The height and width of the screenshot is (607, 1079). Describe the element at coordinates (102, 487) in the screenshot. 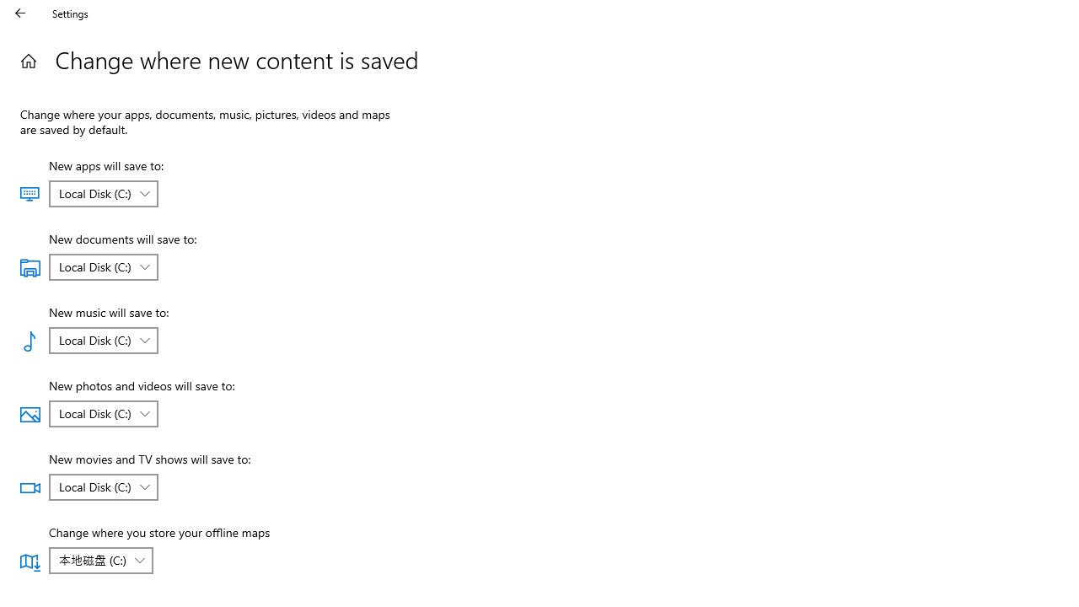

I see `'New movies and TV shows will save to:'` at that location.